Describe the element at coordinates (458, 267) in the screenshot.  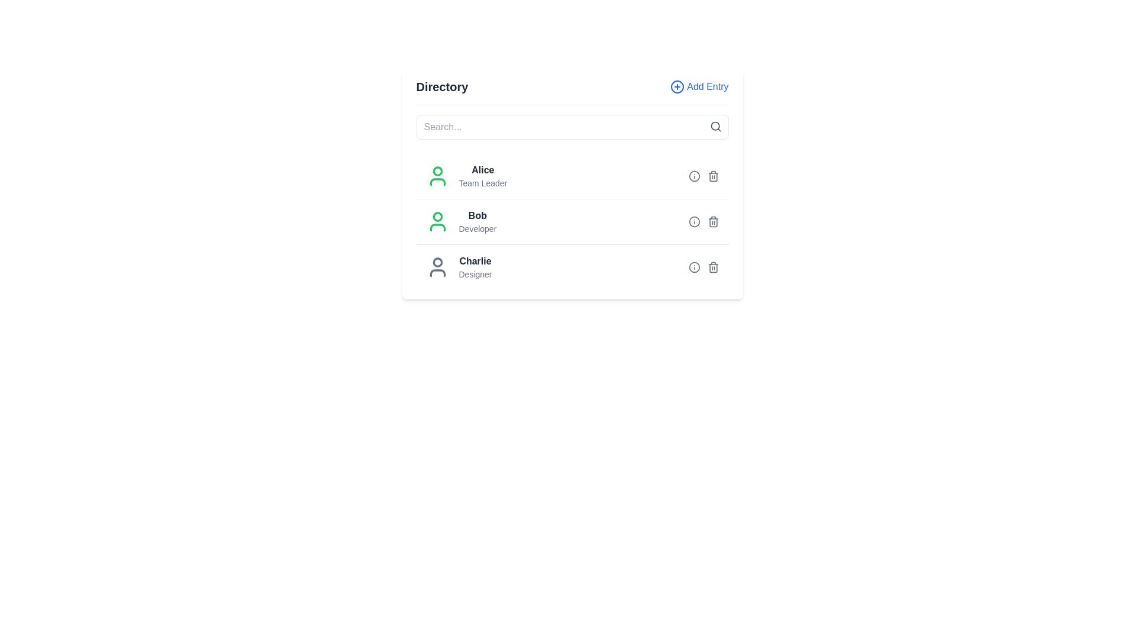
I see `the user profile list item displaying the icon of a user silhouette and the text 'Charlie' with the subtitle 'Designer'. This is the third item in the profile list` at that location.